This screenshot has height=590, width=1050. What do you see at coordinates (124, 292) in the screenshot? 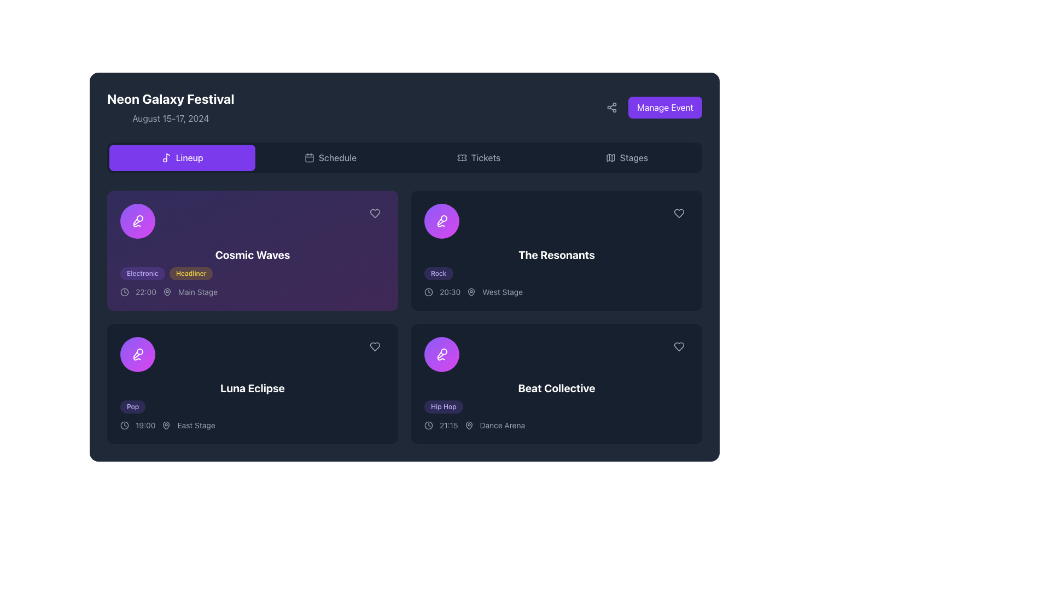
I see `the time icon located to the left of the time text '22:00', which visually represents the concept of time` at bounding box center [124, 292].